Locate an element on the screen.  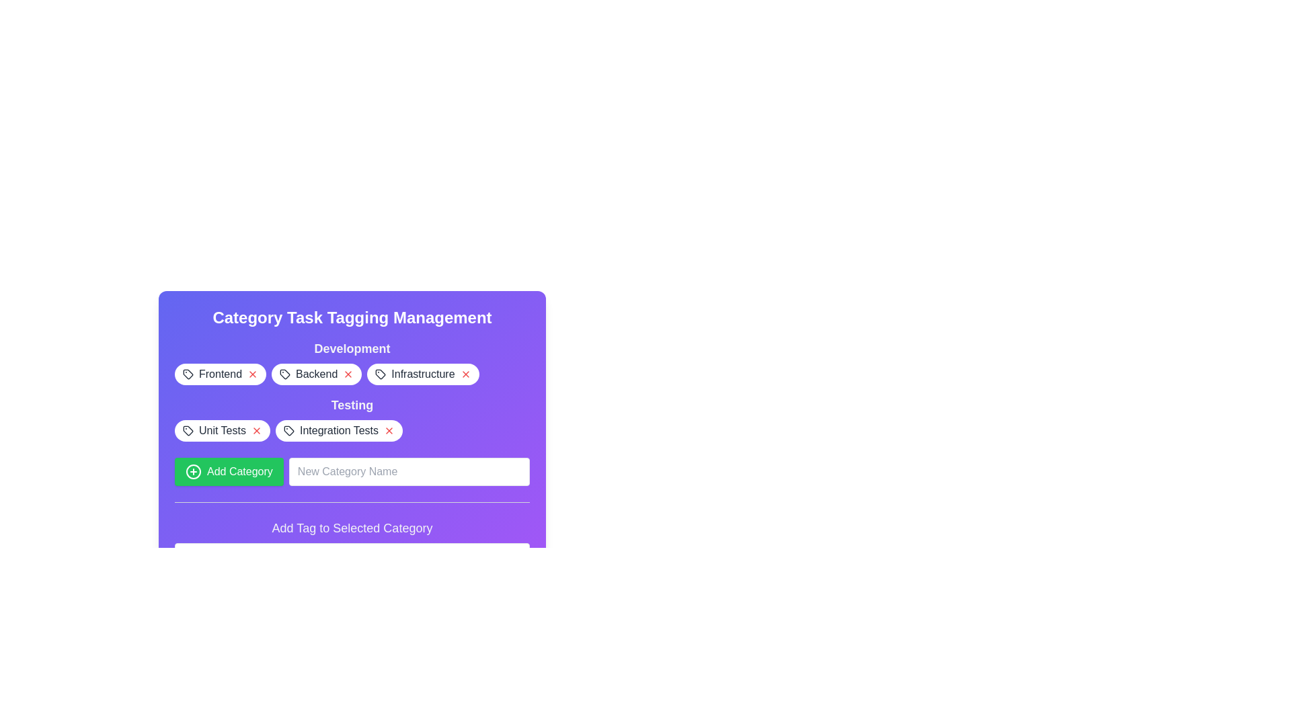
the decorative tag icon representing the 'Unit Tests' category located in the 'Testing' section, which is the second row of tags below 'Development' is located at coordinates (187, 430).